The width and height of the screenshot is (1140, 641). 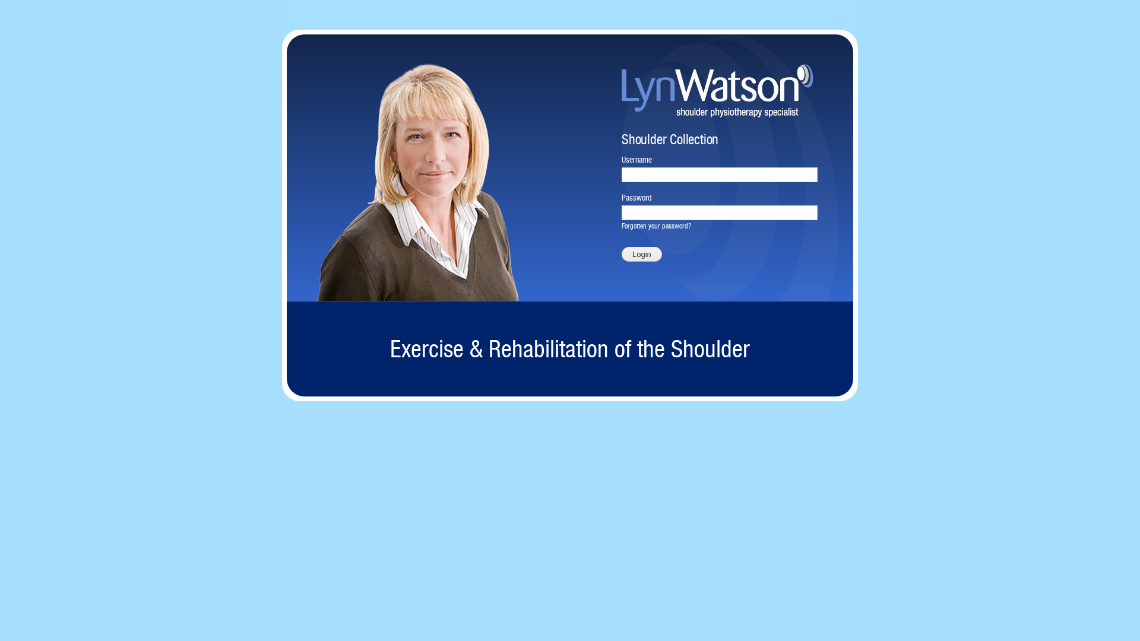 I want to click on 'Forgotten your password?', so click(x=655, y=226).